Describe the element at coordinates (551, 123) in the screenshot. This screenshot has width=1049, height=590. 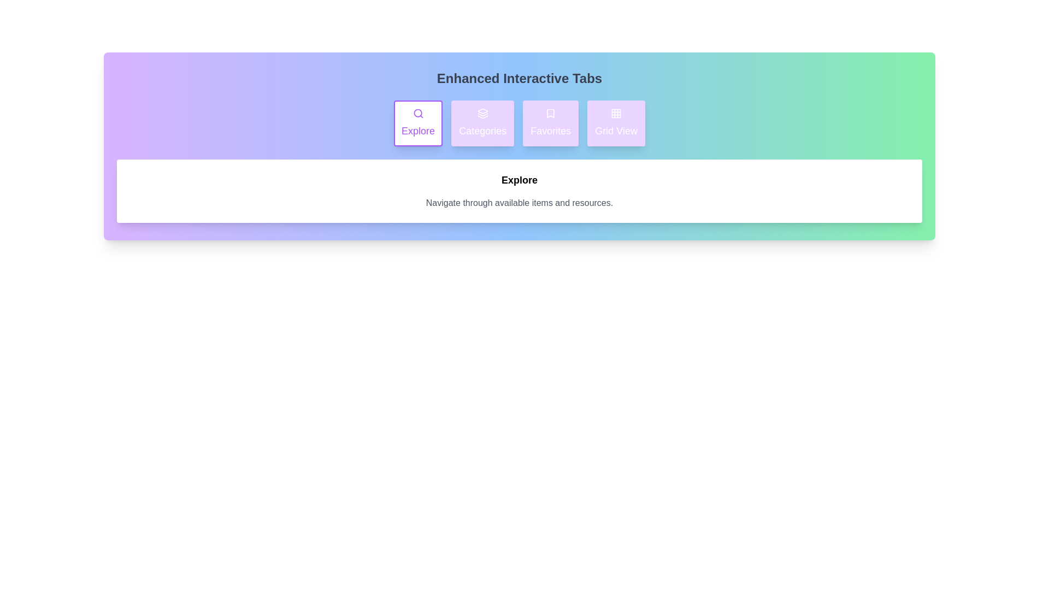
I see `the tab labeled Favorites to observe the hover effect` at that location.